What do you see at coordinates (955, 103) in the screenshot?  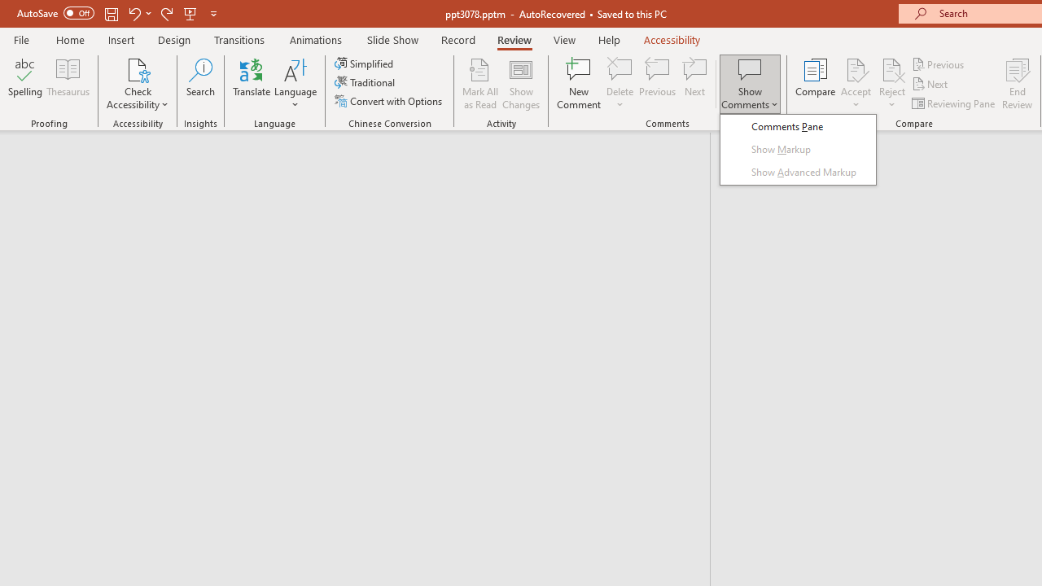 I see `'Reviewing Pane'` at bounding box center [955, 103].